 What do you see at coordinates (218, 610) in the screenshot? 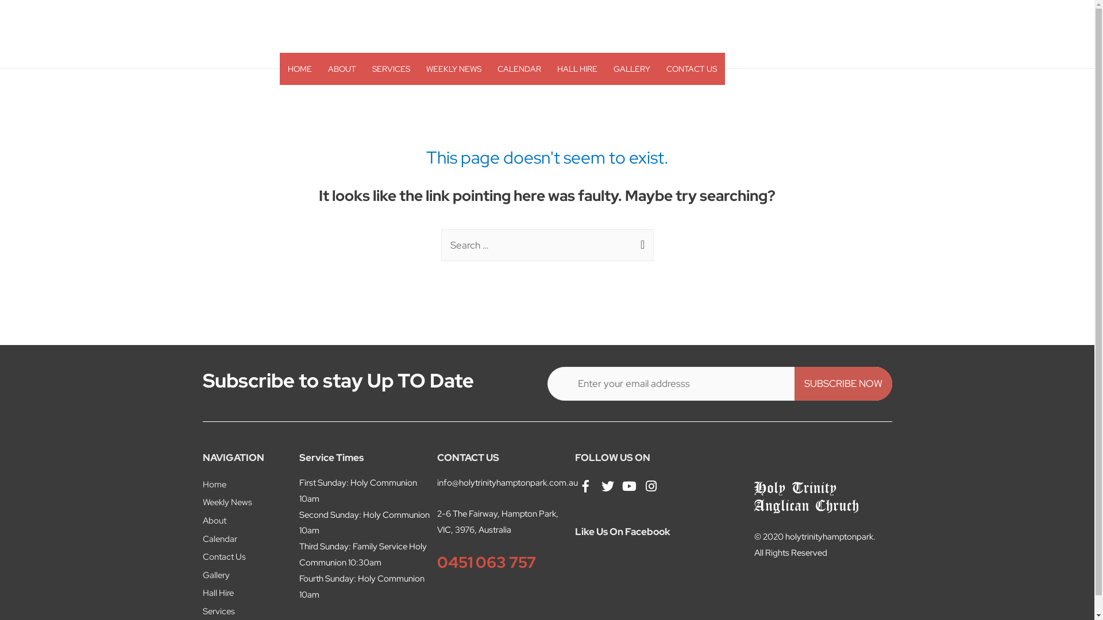
I see `'Services'` at bounding box center [218, 610].